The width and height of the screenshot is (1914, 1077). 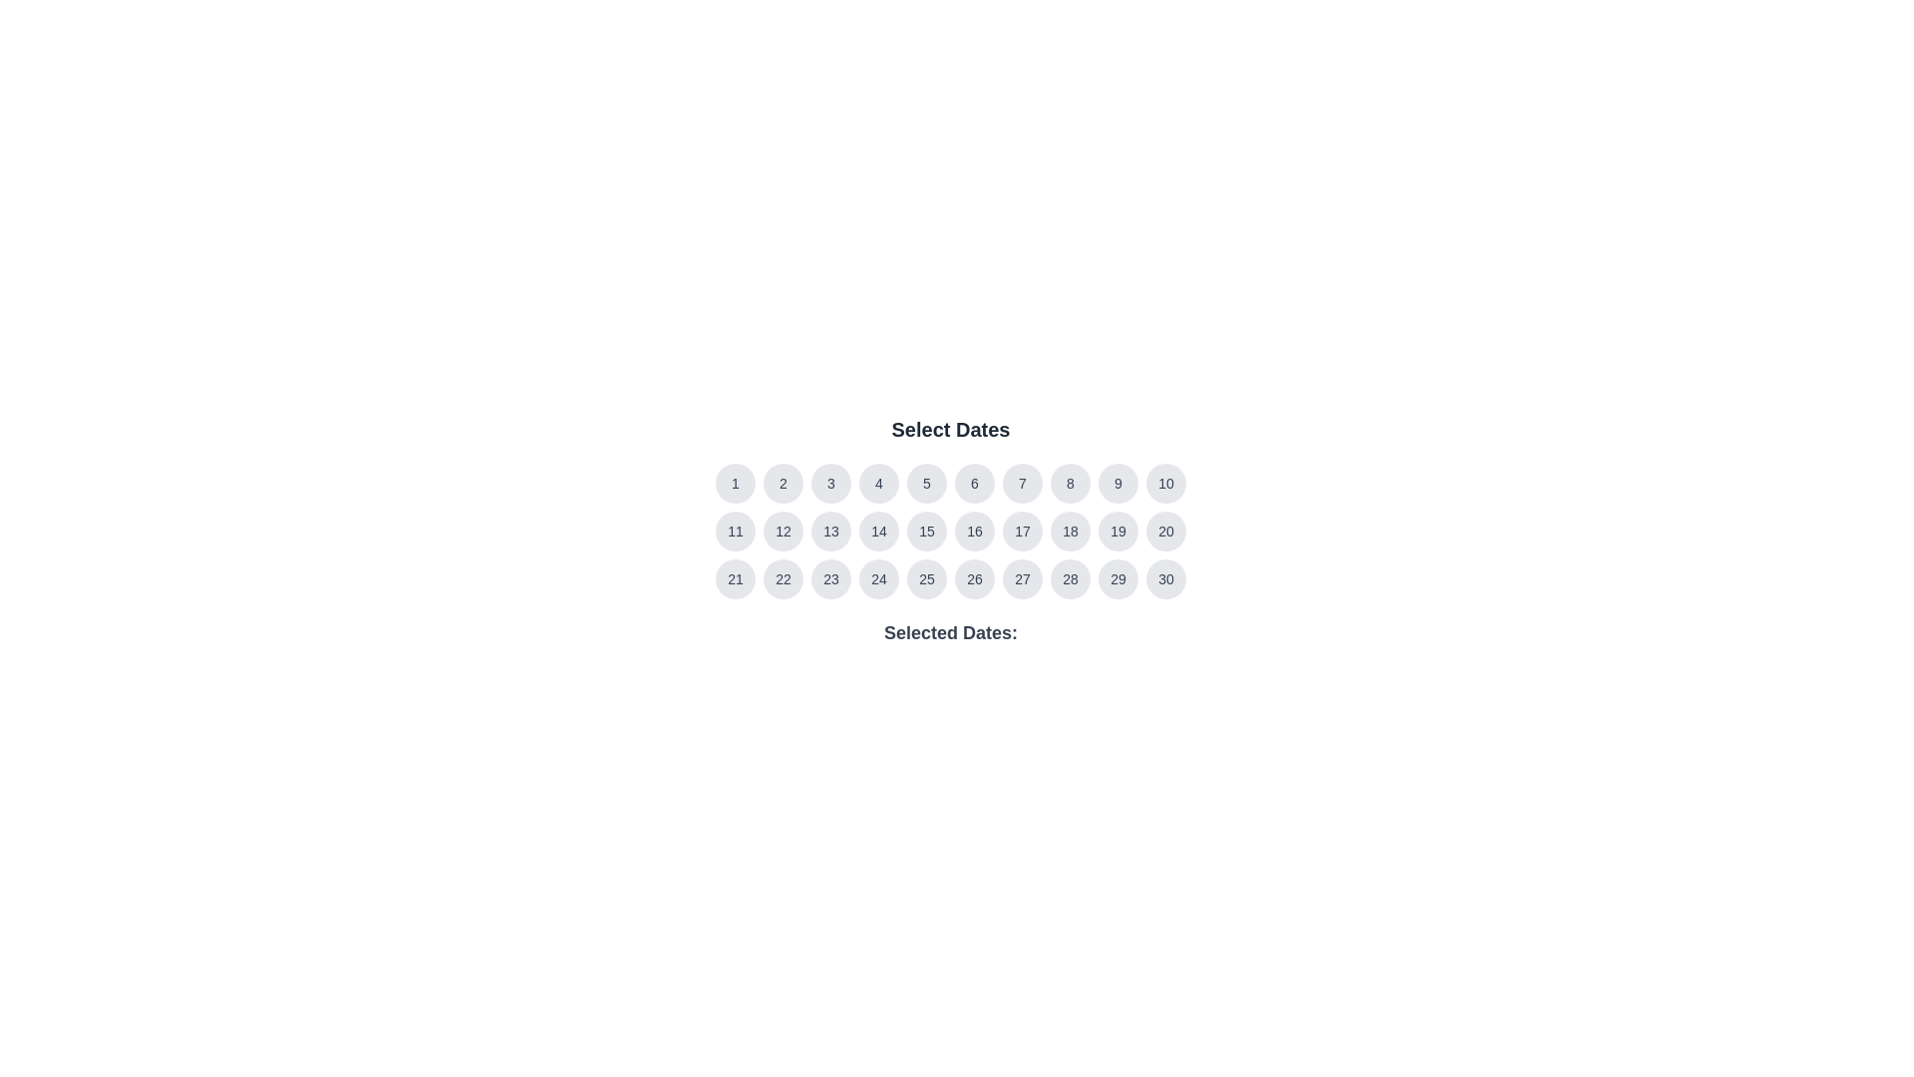 I want to click on the button for selecting the 28th date in the calendar interface, so click(x=1070, y=579).